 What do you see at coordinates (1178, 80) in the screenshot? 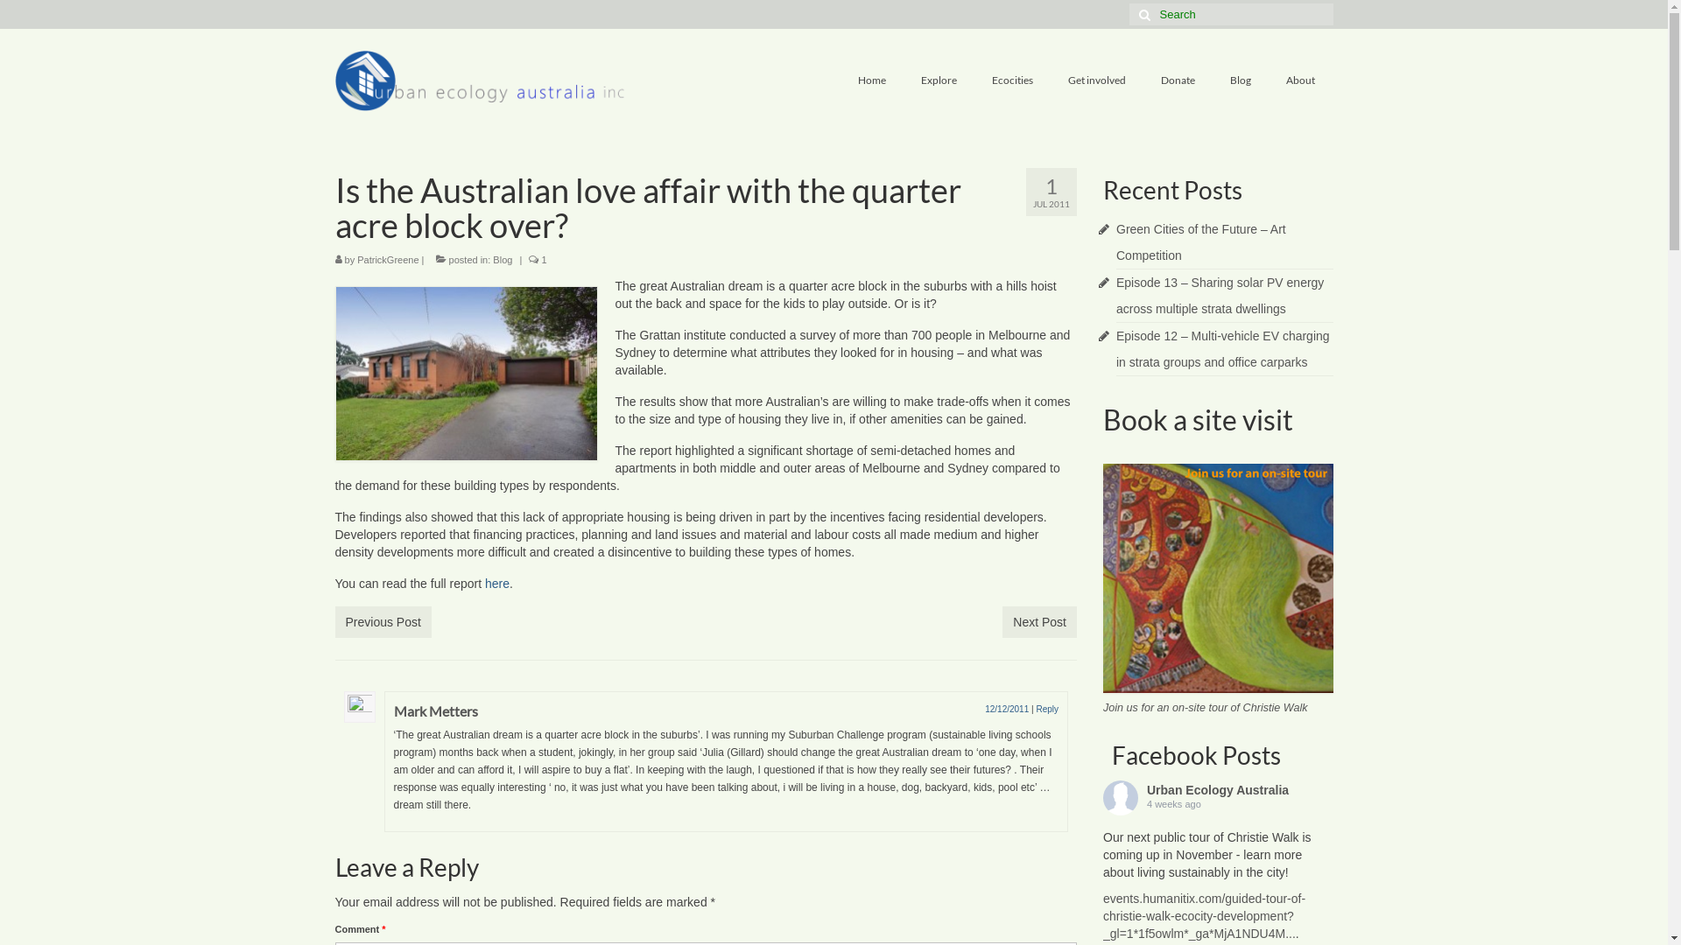
I see `'Donate'` at bounding box center [1178, 80].